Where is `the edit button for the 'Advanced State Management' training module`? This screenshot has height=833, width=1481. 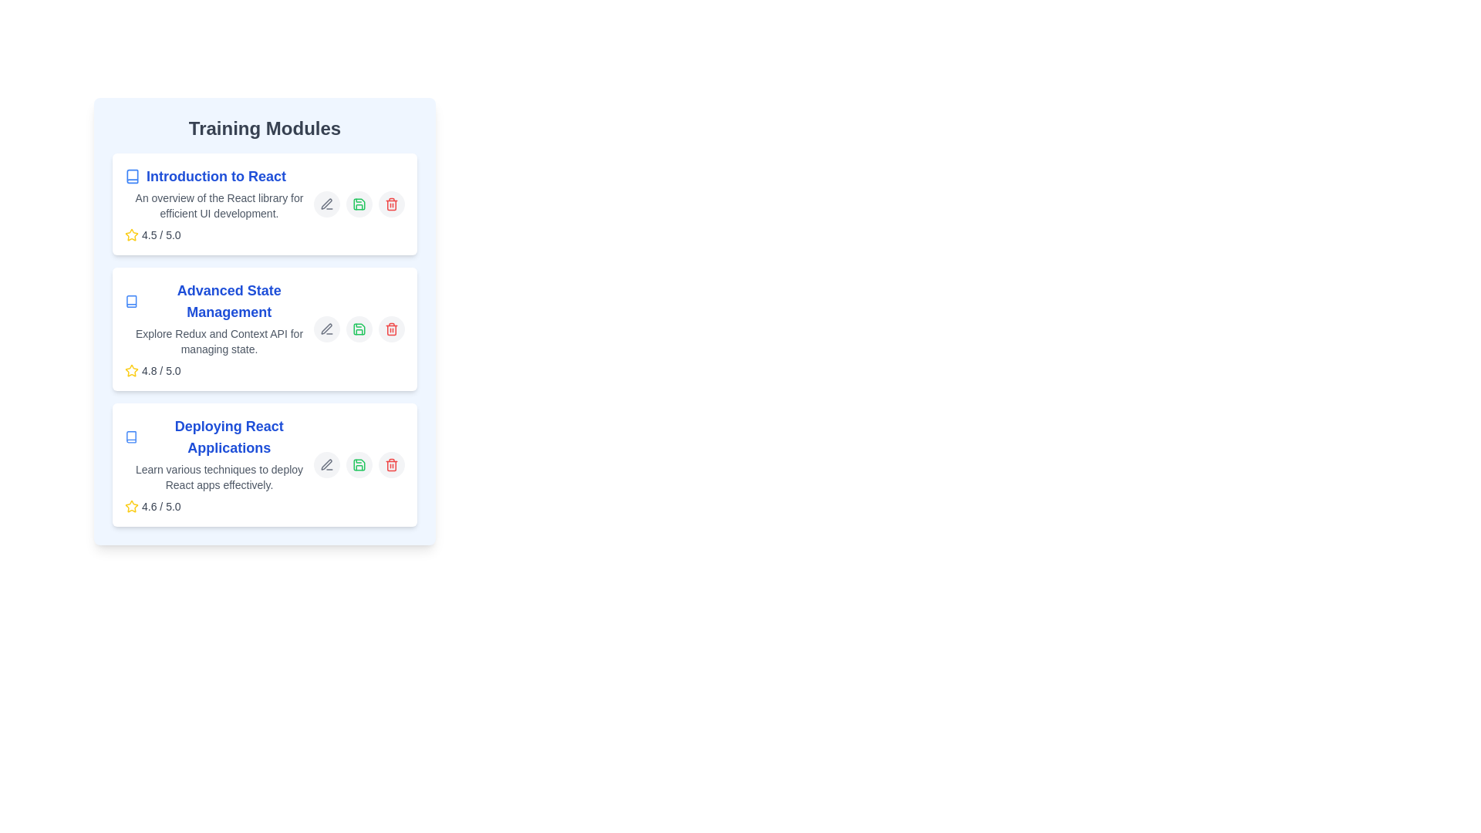 the edit button for the 'Advanced State Management' training module is located at coordinates (326, 329).